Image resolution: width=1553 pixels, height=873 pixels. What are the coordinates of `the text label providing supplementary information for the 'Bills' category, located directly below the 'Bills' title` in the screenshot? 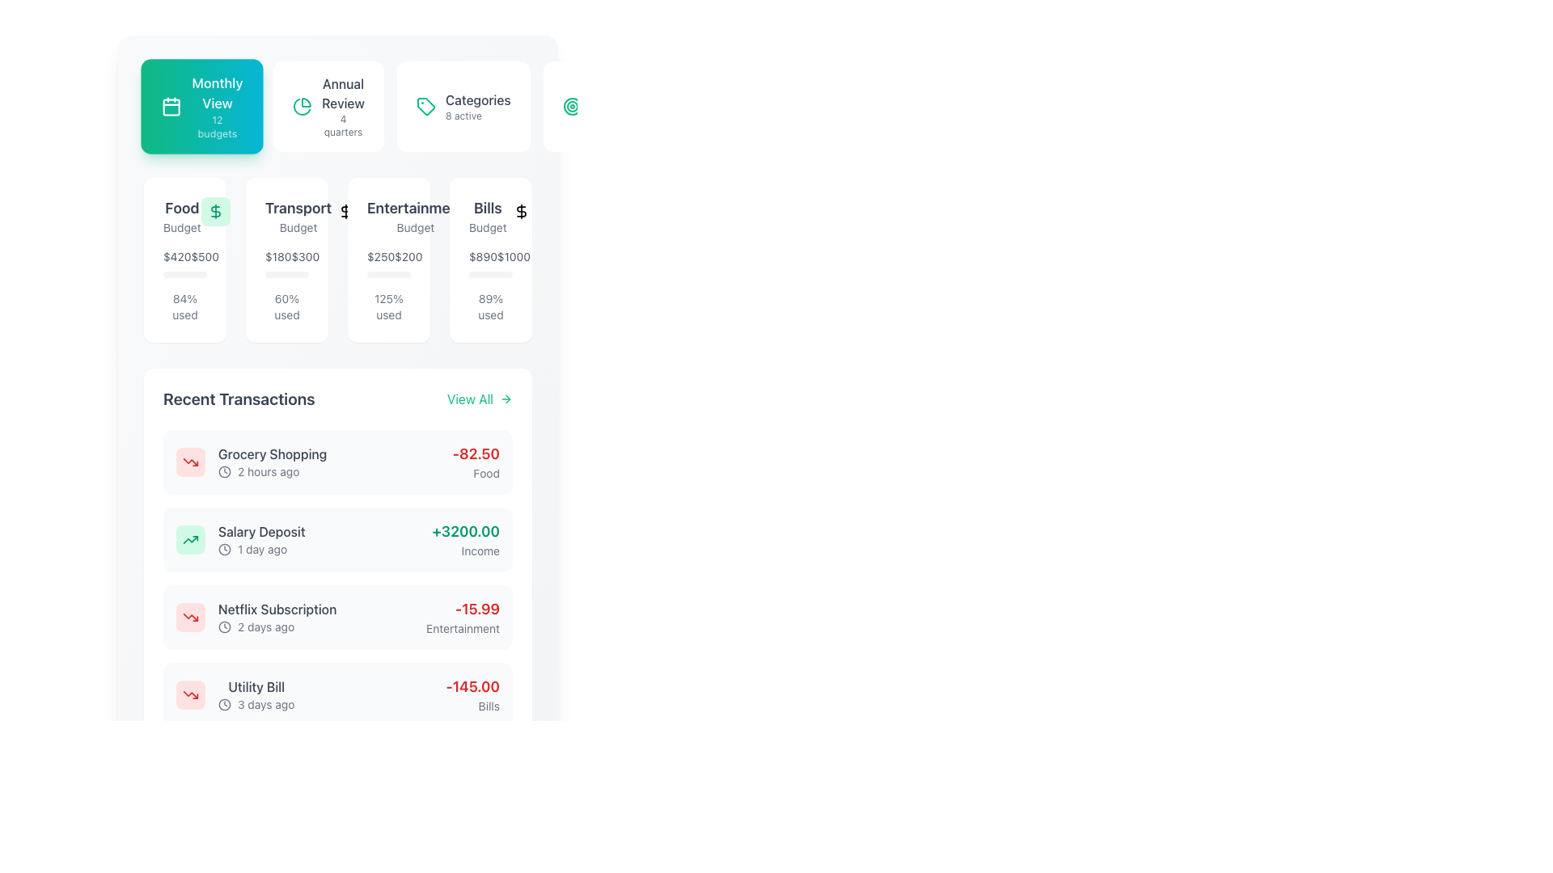 It's located at (487, 227).